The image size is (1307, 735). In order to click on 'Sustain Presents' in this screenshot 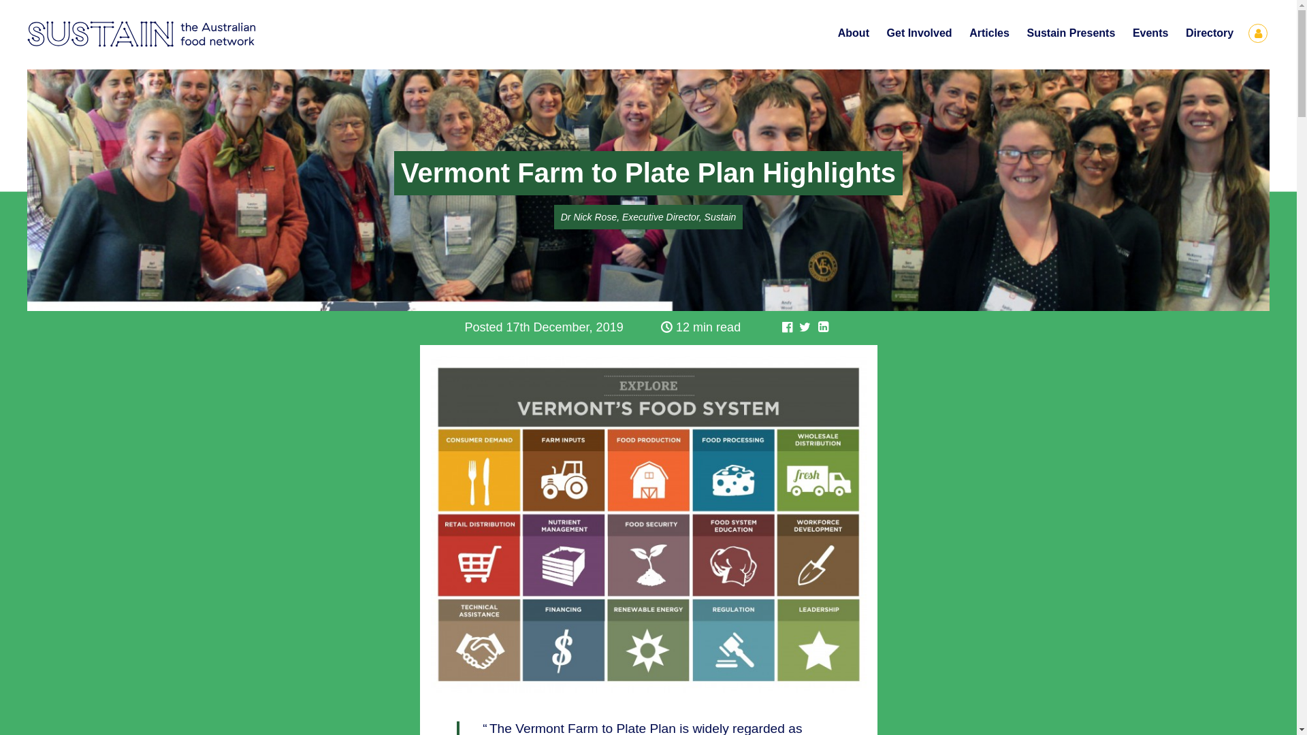, I will do `click(1070, 33)`.